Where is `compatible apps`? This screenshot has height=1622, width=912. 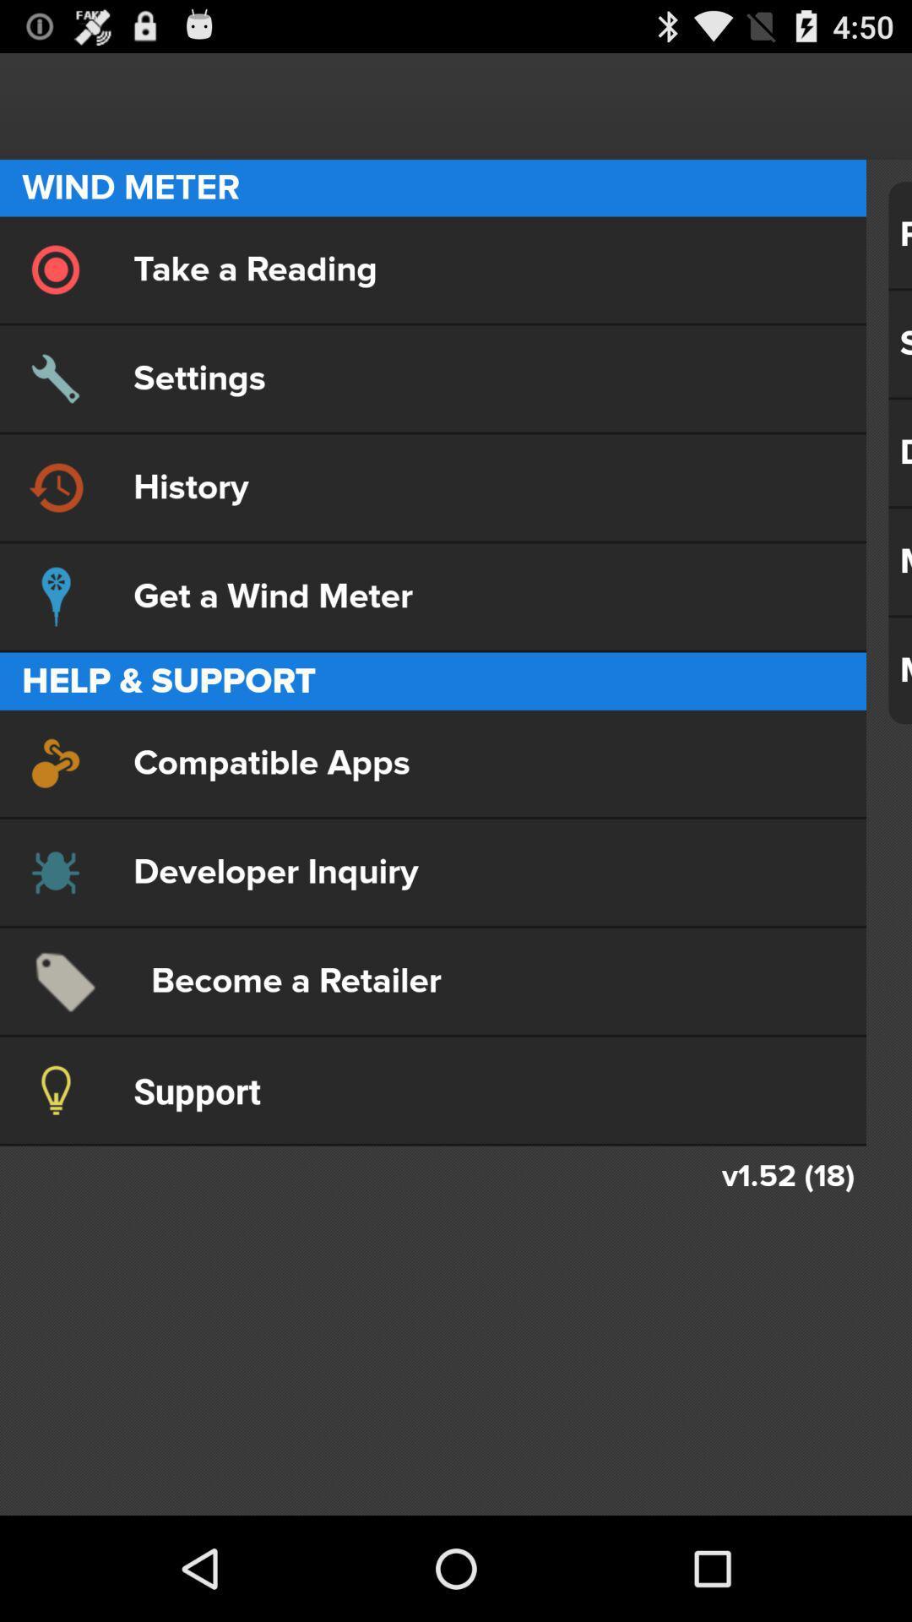
compatible apps is located at coordinates (432, 762).